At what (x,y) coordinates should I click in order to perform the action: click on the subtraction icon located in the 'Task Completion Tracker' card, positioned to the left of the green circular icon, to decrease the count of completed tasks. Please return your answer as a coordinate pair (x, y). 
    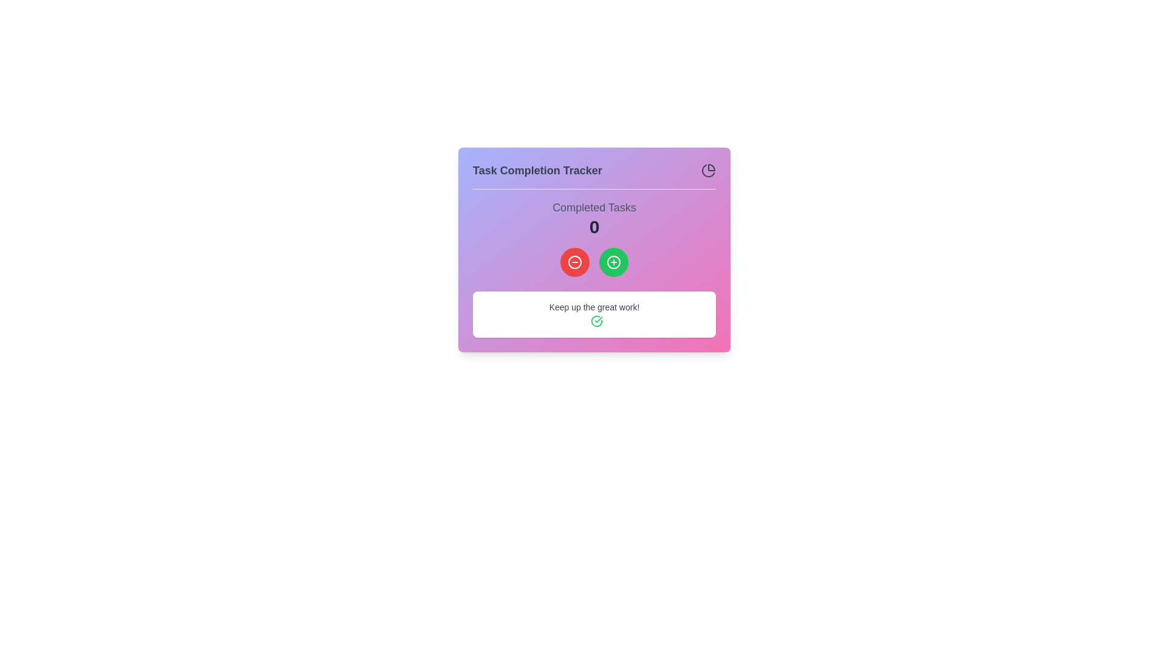
    Looking at the image, I should click on (574, 262).